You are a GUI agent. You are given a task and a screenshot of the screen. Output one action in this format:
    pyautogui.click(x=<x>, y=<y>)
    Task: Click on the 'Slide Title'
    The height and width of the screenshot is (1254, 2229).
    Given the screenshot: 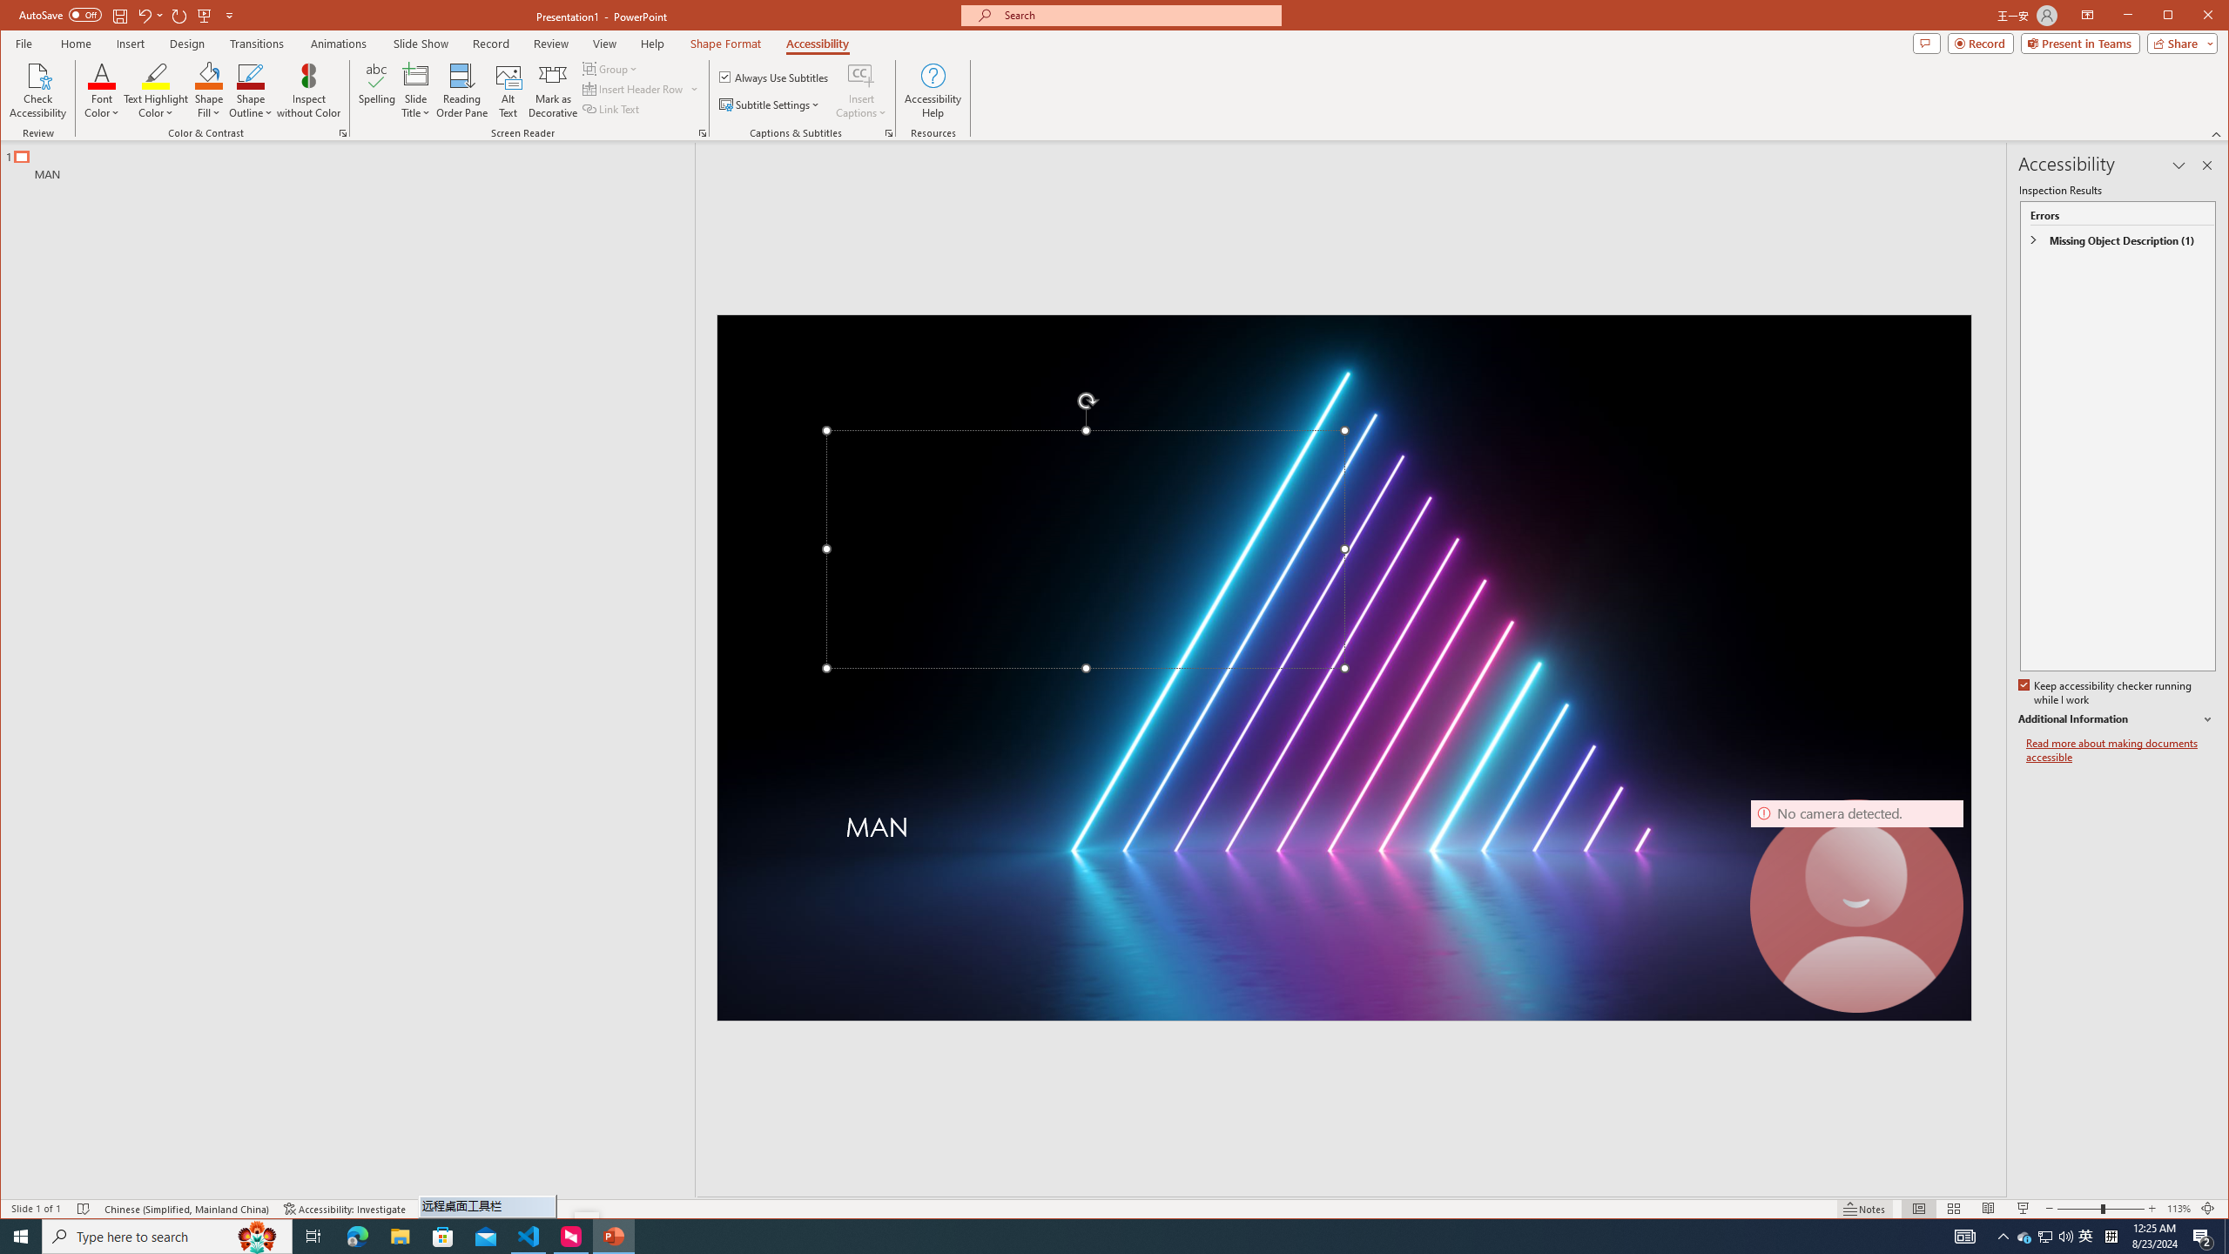 What is the action you would take?
    pyautogui.click(x=415, y=74)
    